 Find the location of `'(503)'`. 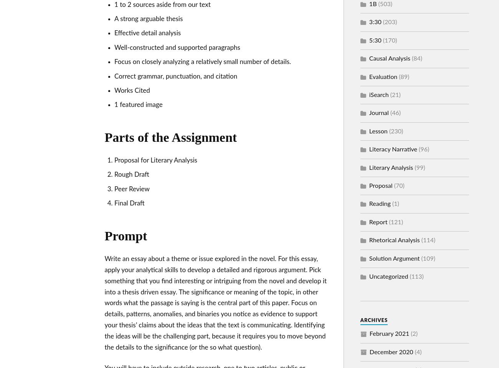

'(503)' is located at coordinates (384, 4).